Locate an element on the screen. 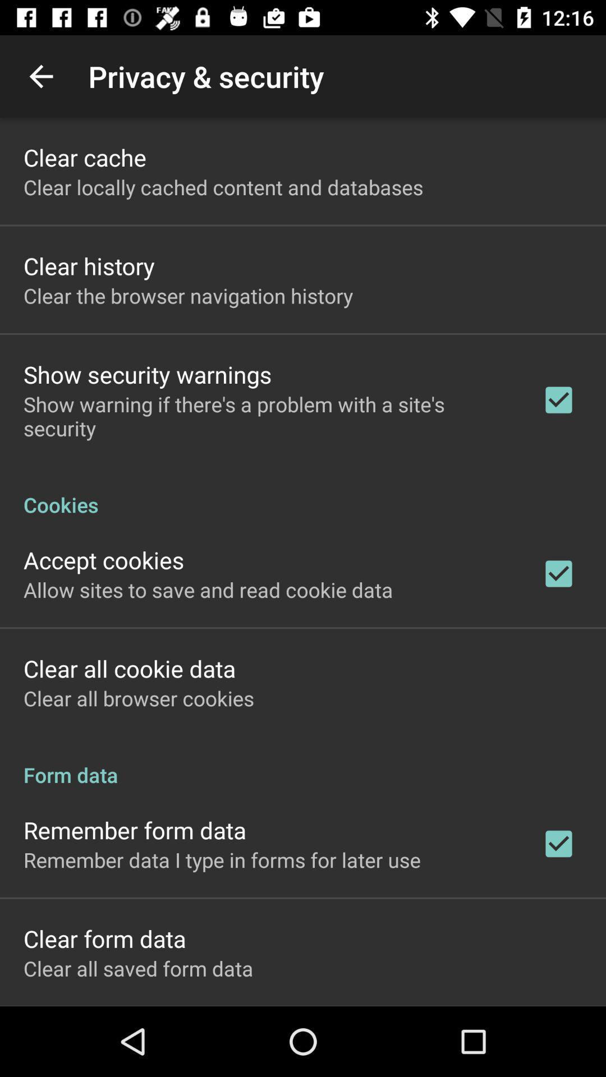  item to the left of the privacy & security icon is located at coordinates (40, 76).